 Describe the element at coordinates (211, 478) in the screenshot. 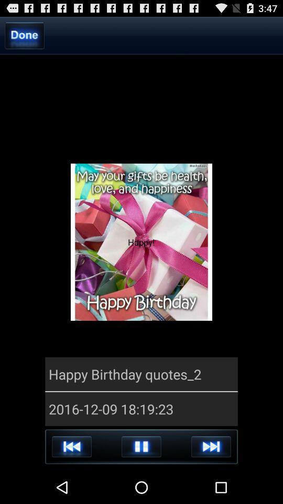

I see `the skip_next icon` at that location.